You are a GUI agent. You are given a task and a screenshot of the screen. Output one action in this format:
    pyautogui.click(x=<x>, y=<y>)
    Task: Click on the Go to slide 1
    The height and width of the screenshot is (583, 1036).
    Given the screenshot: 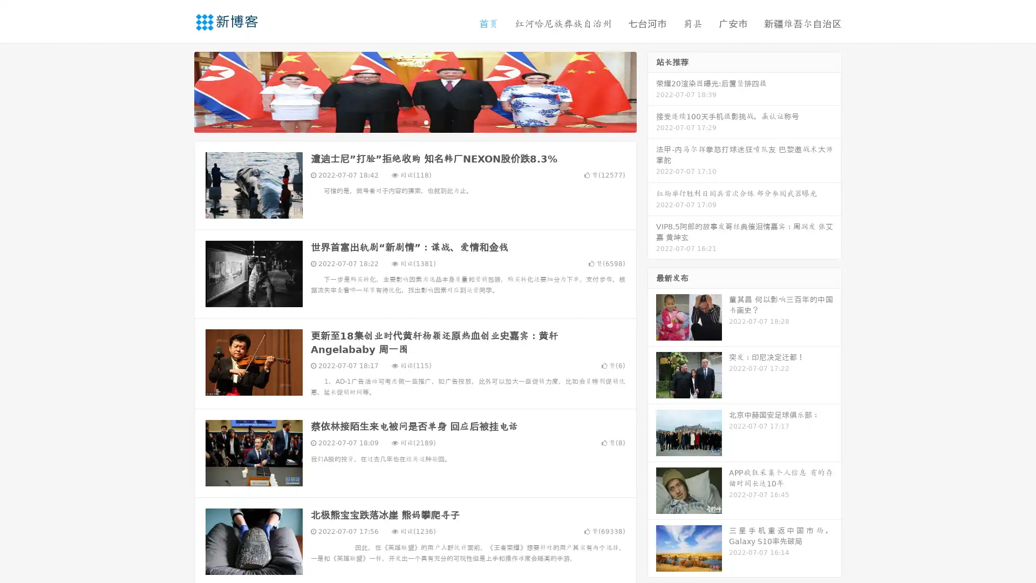 What is the action you would take?
    pyautogui.click(x=404, y=121)
    